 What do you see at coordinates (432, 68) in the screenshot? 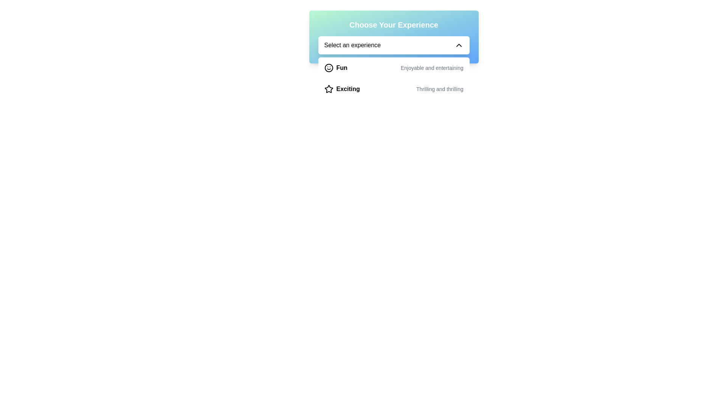
I see `the text label that displays 'Enjoyable and entertaining', which is located below the main heading 'Choose Your Experience'` at bounding box center [432, 68].